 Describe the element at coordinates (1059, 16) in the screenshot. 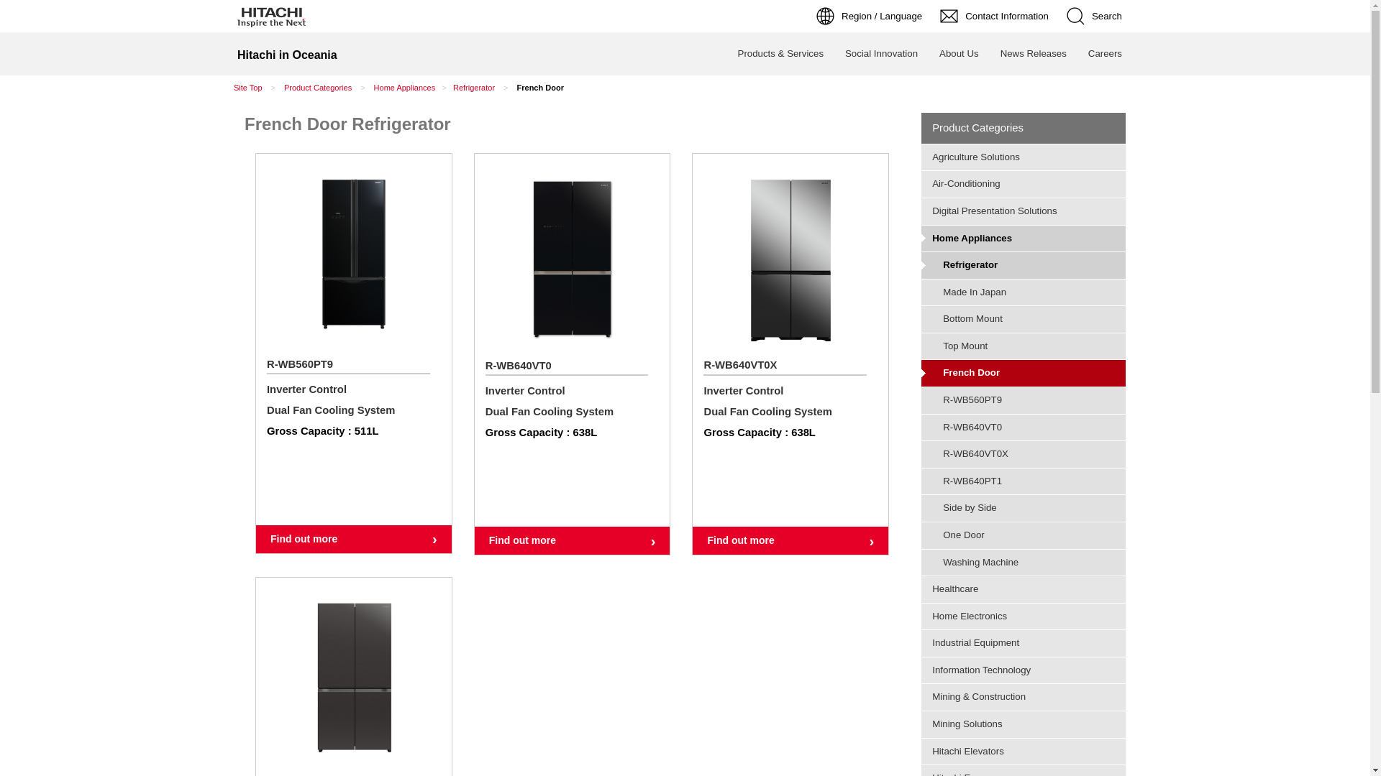

I see `'Search'` at that location.